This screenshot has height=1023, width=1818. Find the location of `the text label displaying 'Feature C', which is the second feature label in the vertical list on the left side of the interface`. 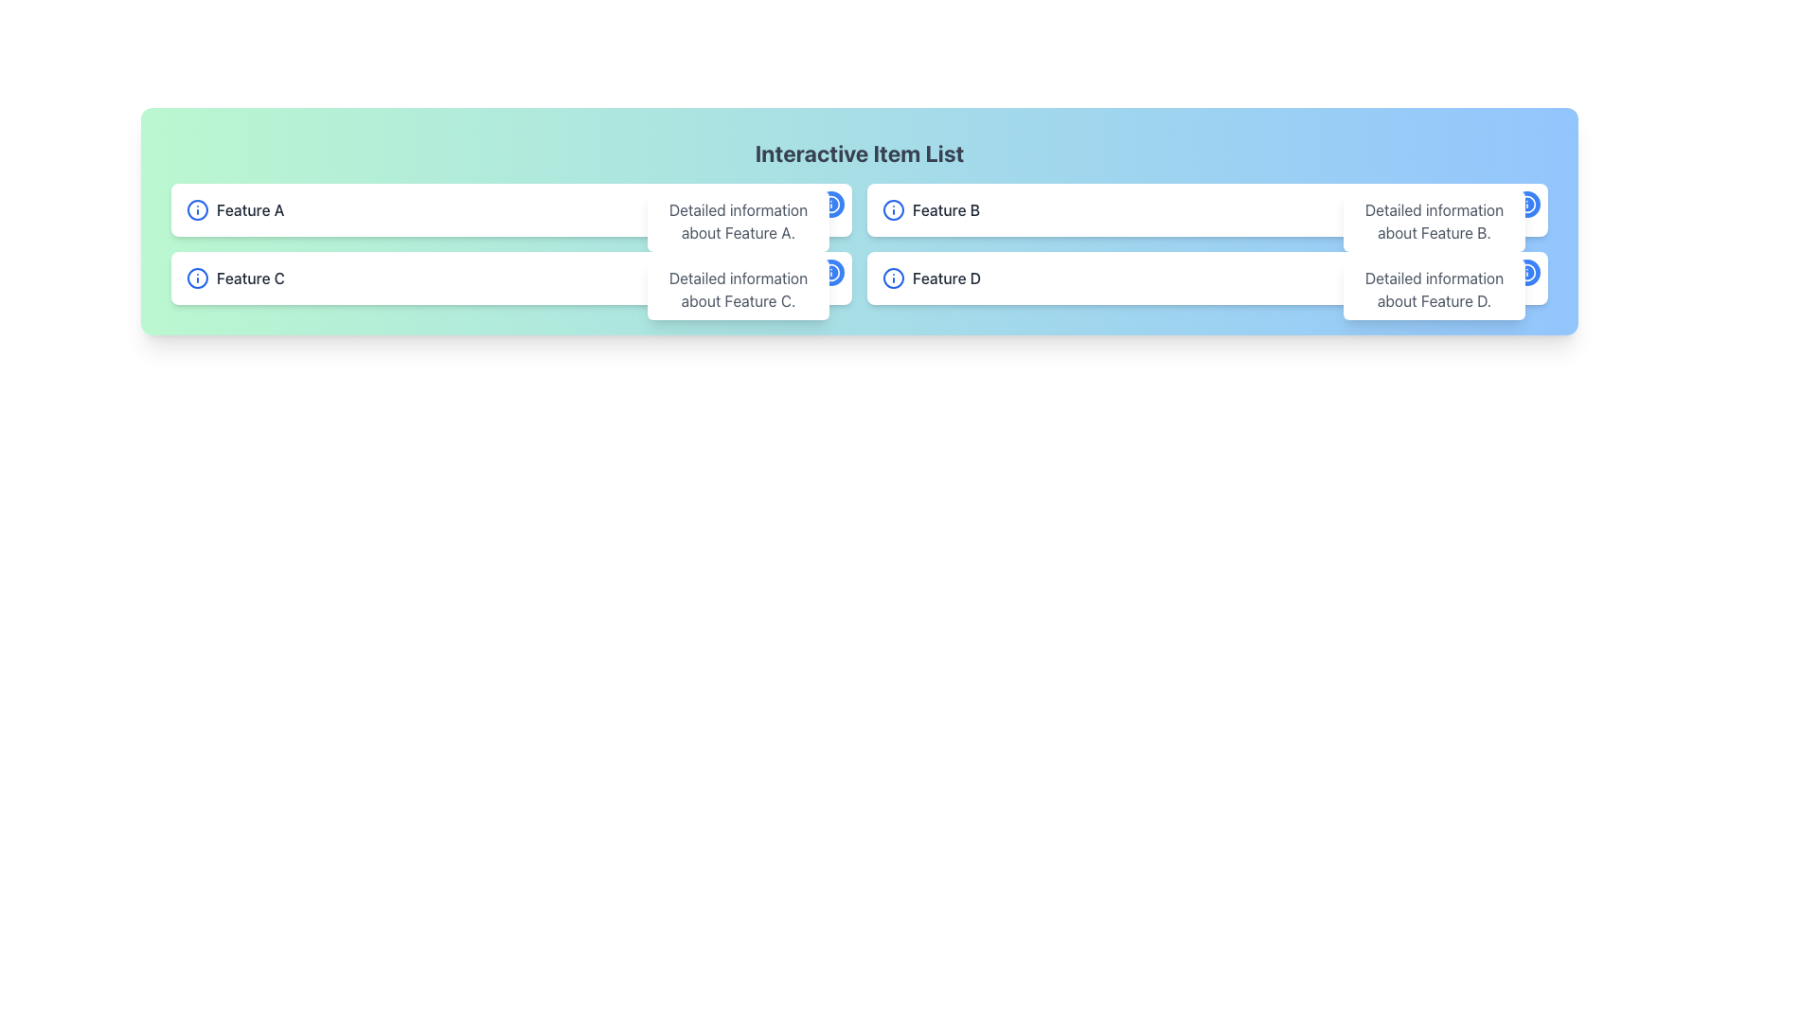

the text label displaying 'Feature C', which is the second feature label in the vertical list on the left side of the interface is located at coordinates (249, 278).